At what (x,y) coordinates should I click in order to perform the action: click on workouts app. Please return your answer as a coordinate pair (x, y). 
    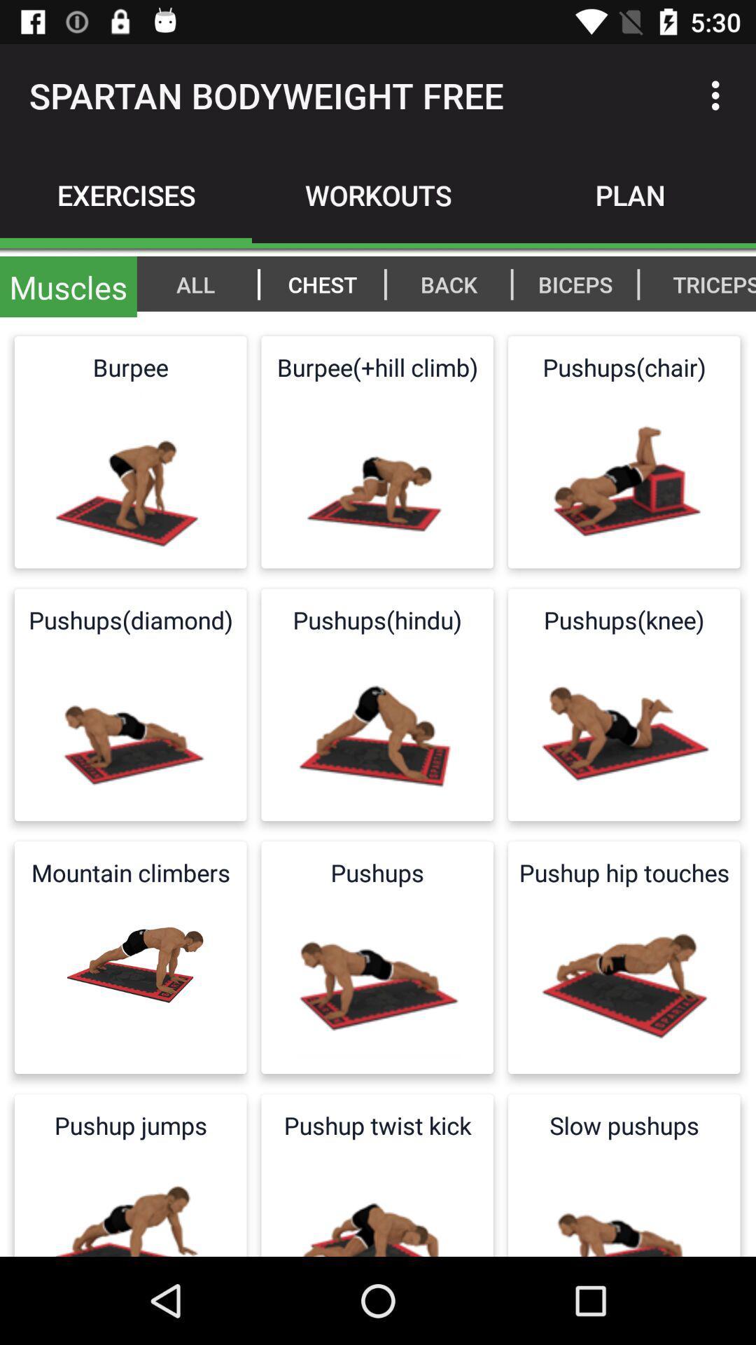
    Looking at the image, I should click on (378, 194).